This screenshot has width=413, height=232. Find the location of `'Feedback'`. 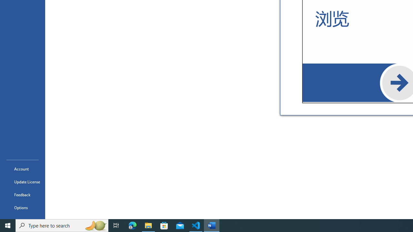

'Feedback' is located at coordinates (22, 194).